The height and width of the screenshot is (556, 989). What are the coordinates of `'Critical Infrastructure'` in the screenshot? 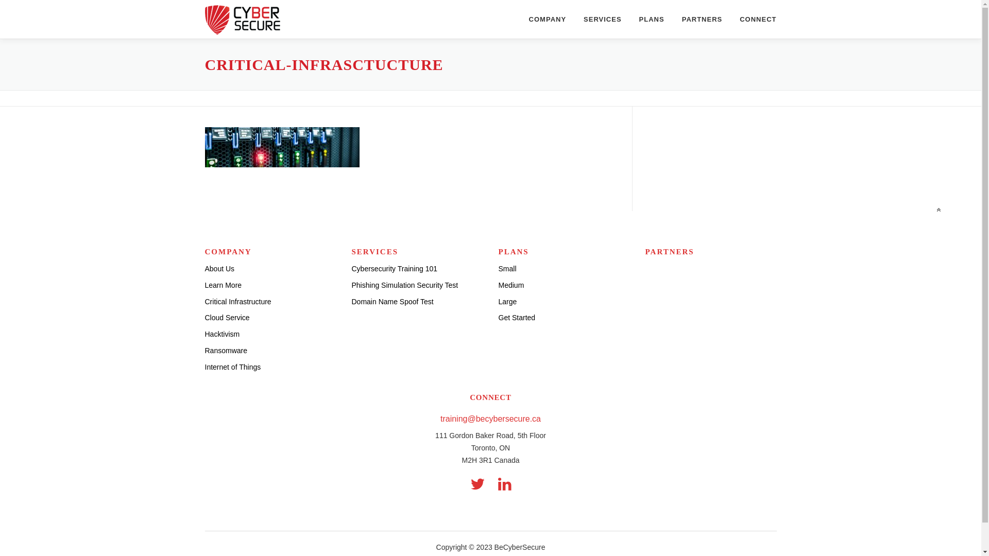 It's located at (237, 301).